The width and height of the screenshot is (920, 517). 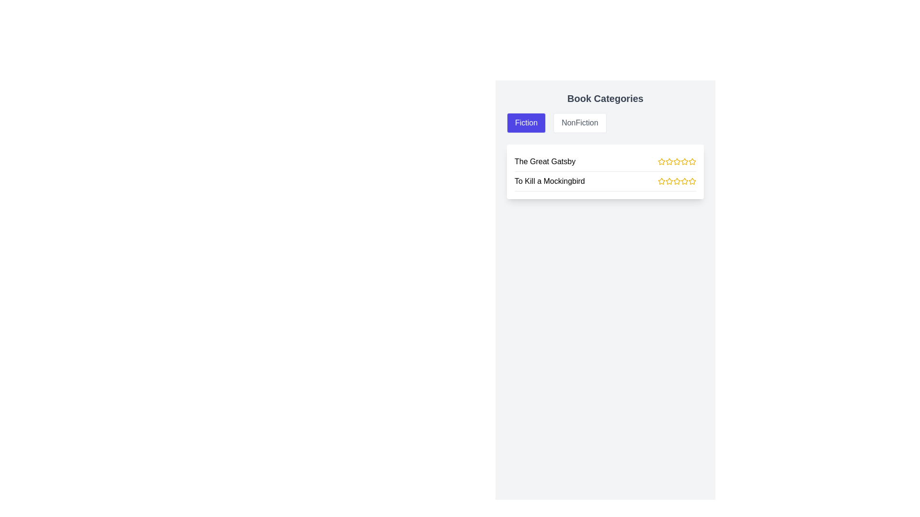 I want to click on the star-shaped icon with a golden outline and white center to rate it, located to the right of 'The Great Gatsby', so click(x=661, y=160).